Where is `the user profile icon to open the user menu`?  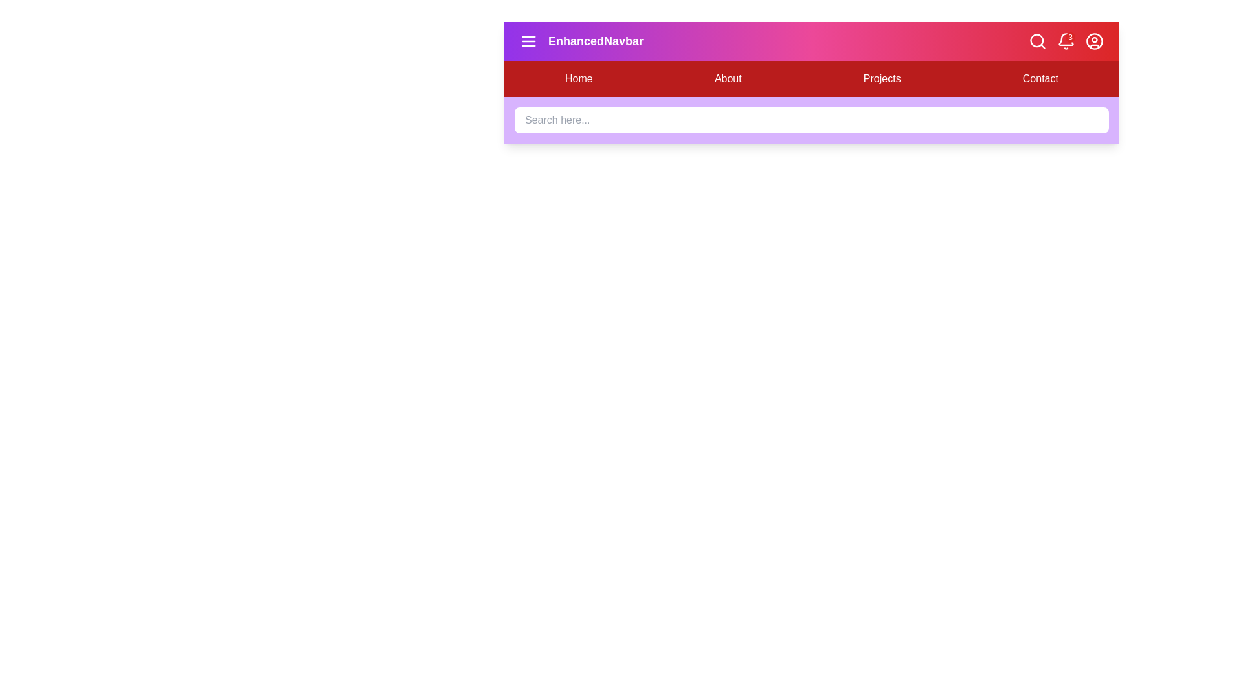
the user profile icon to open the user menu is located at coordinates (1093, 41).